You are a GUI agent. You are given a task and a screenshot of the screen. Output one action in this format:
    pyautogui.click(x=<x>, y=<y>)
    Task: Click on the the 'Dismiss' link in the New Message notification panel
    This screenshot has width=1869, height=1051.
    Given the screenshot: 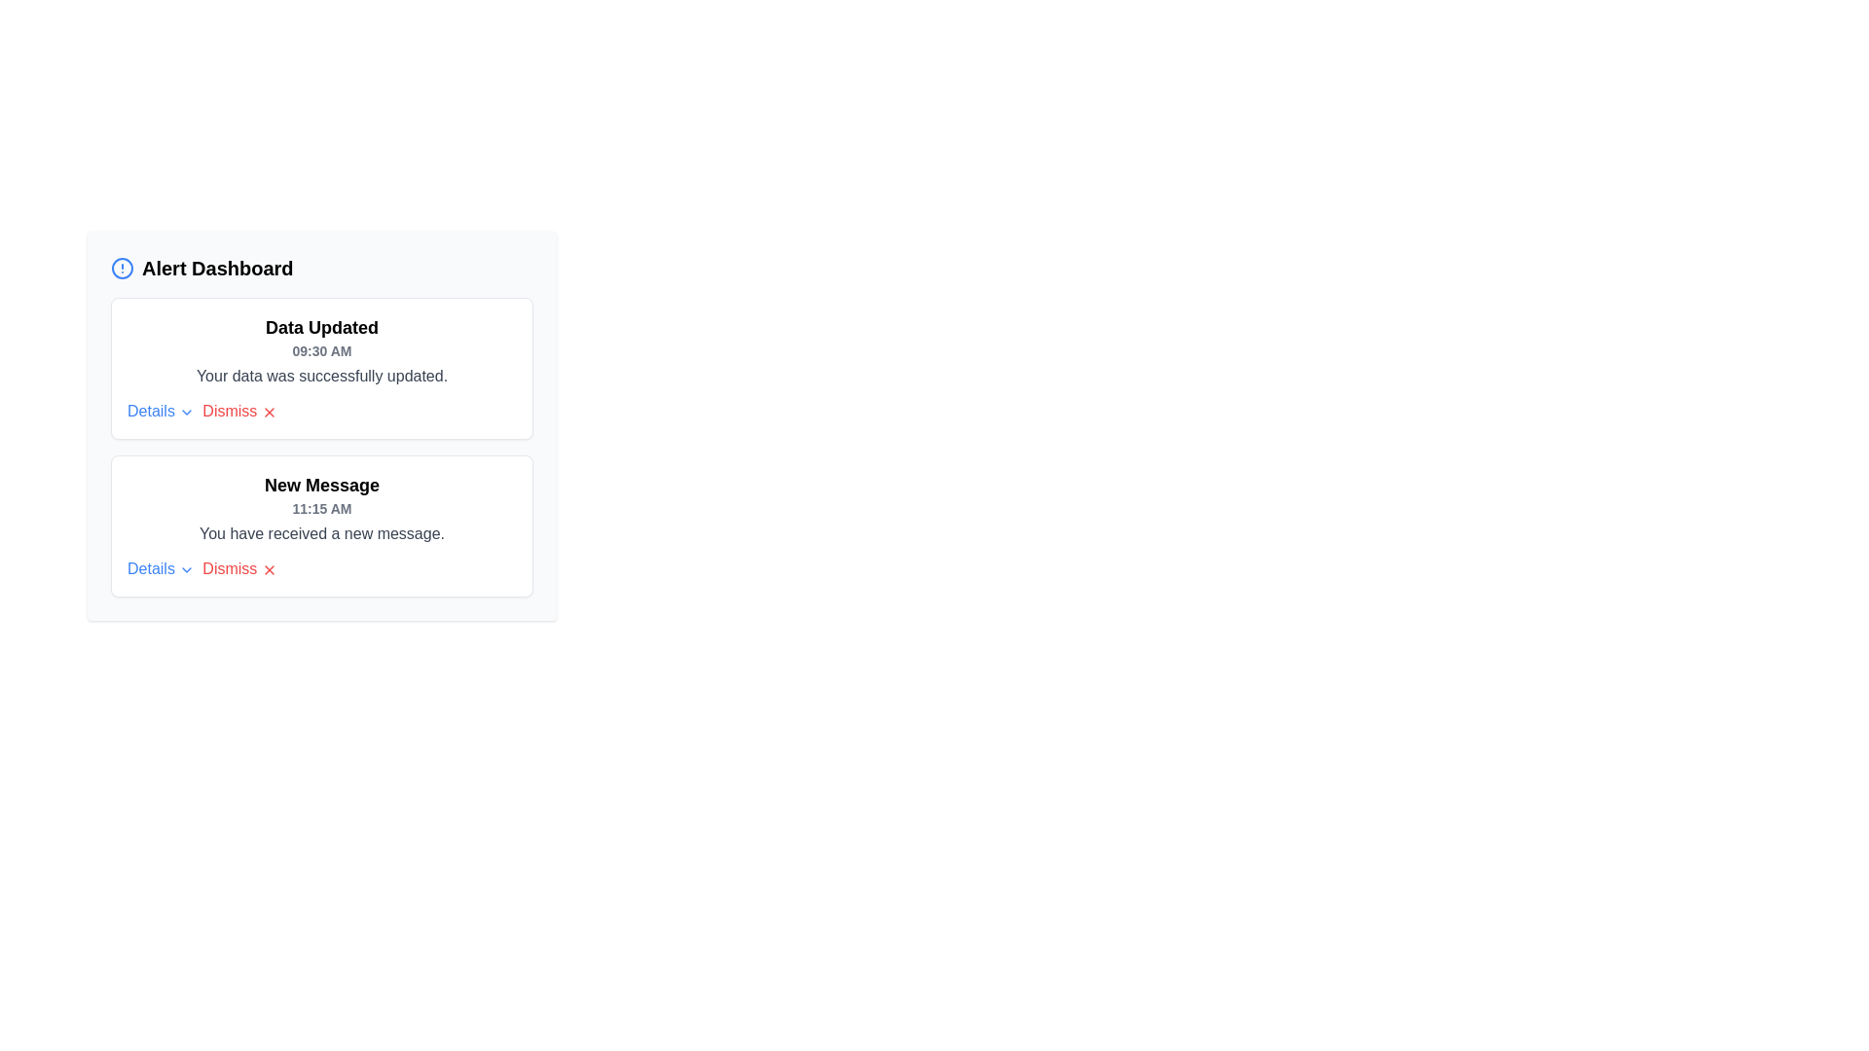 What is the action you would take?
    pyautogui.click(x=322, y=569)
    